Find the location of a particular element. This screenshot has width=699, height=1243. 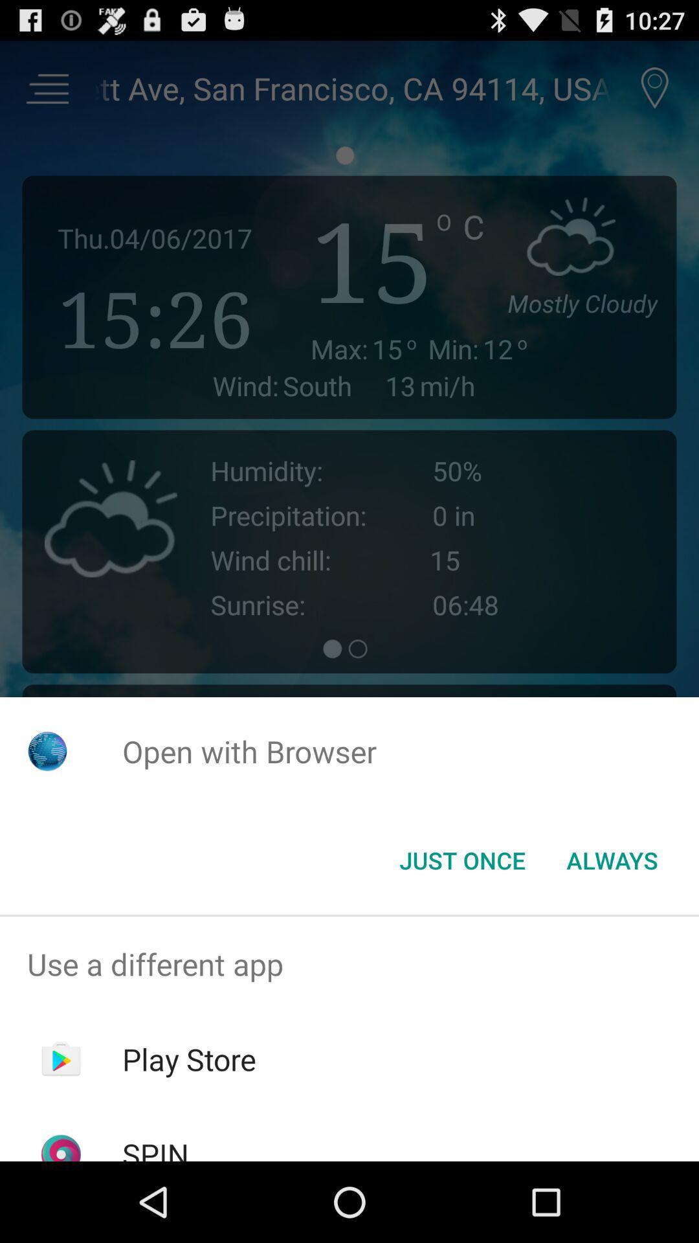

the button to the right of the just once is located at coordinates (612, 860).